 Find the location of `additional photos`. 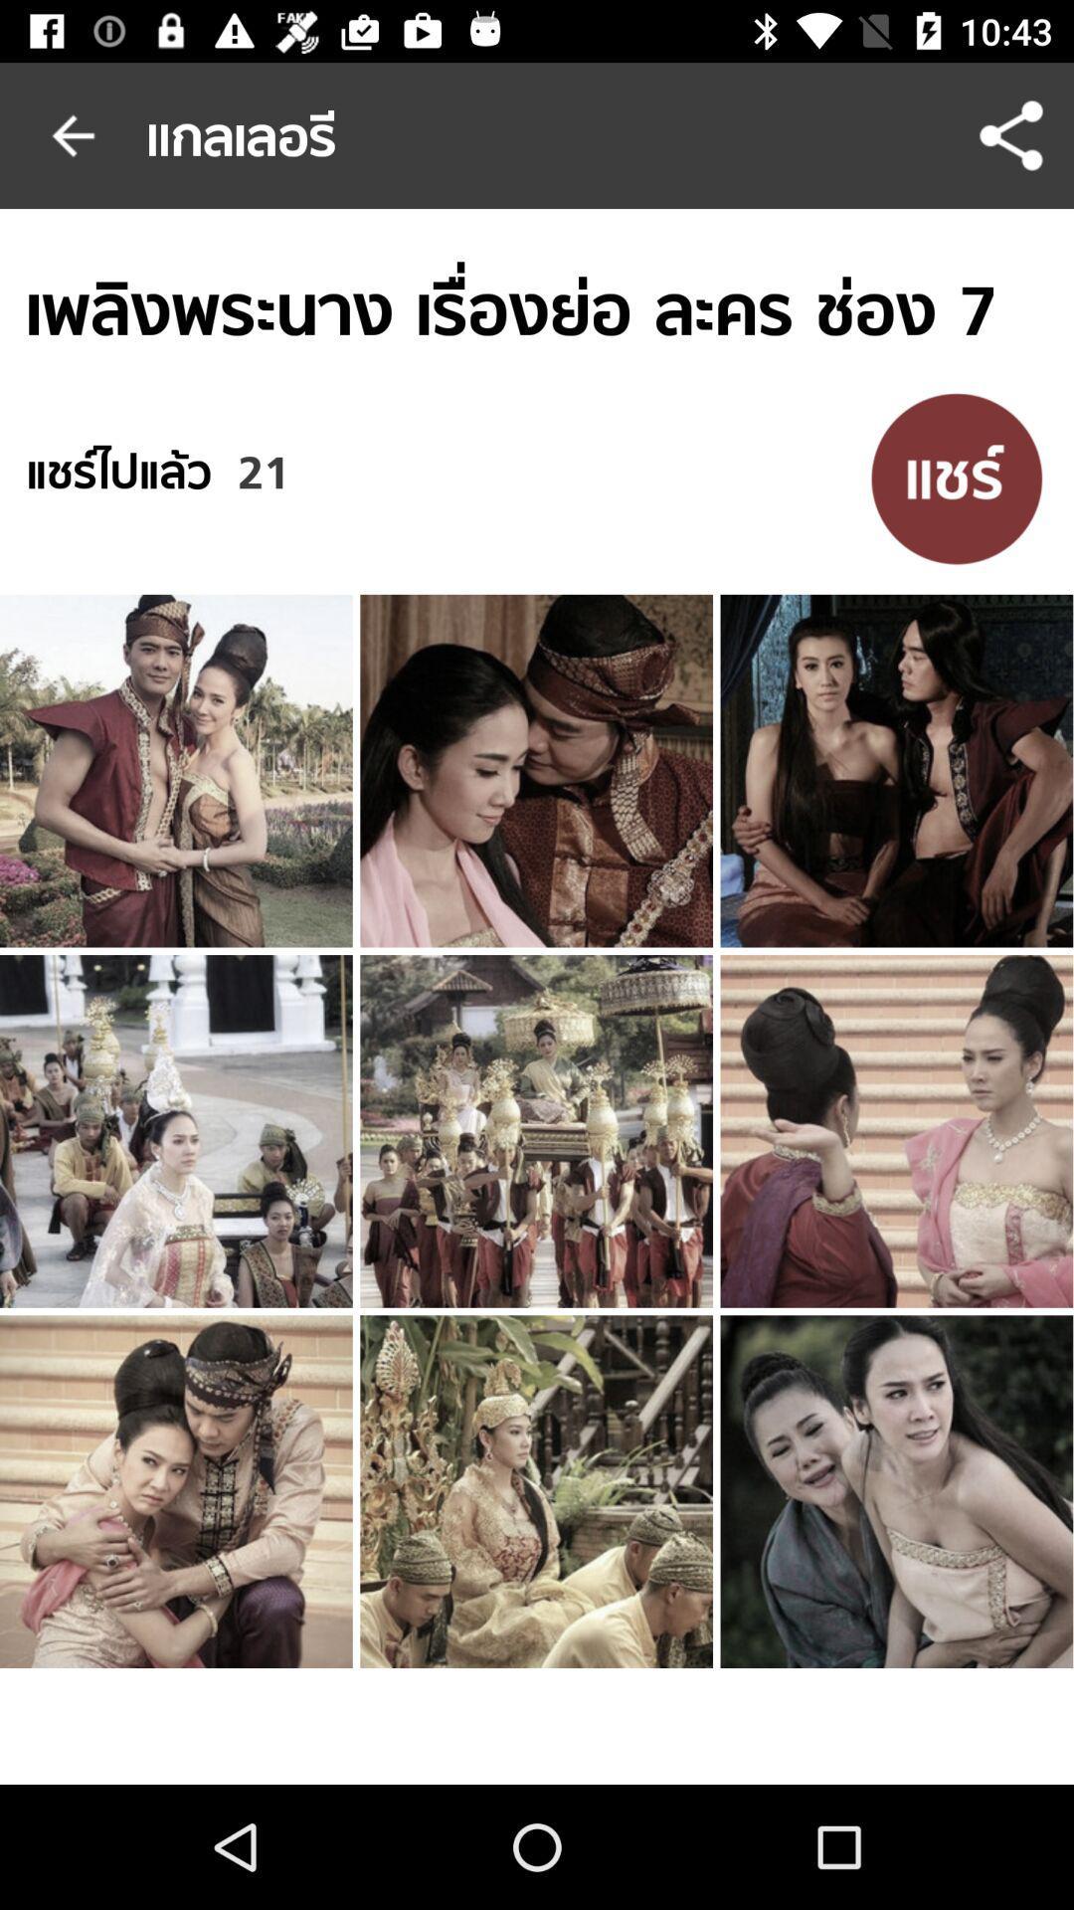

additional photos is located at coordinates (956, 477).